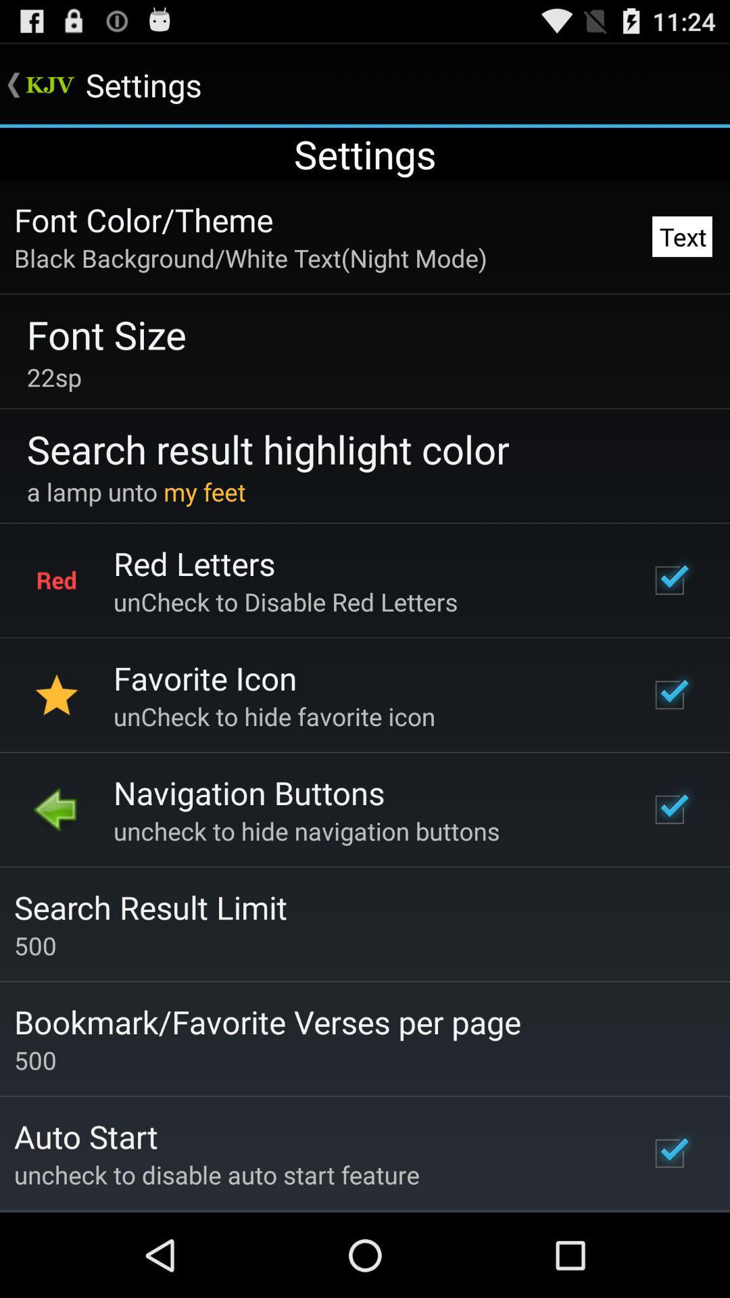 This screenshot has width=730, height=1298. What do you see at coordinates (250, 258) in the screenshot?
I see `the black background white item` at bounding box center [250, 258].